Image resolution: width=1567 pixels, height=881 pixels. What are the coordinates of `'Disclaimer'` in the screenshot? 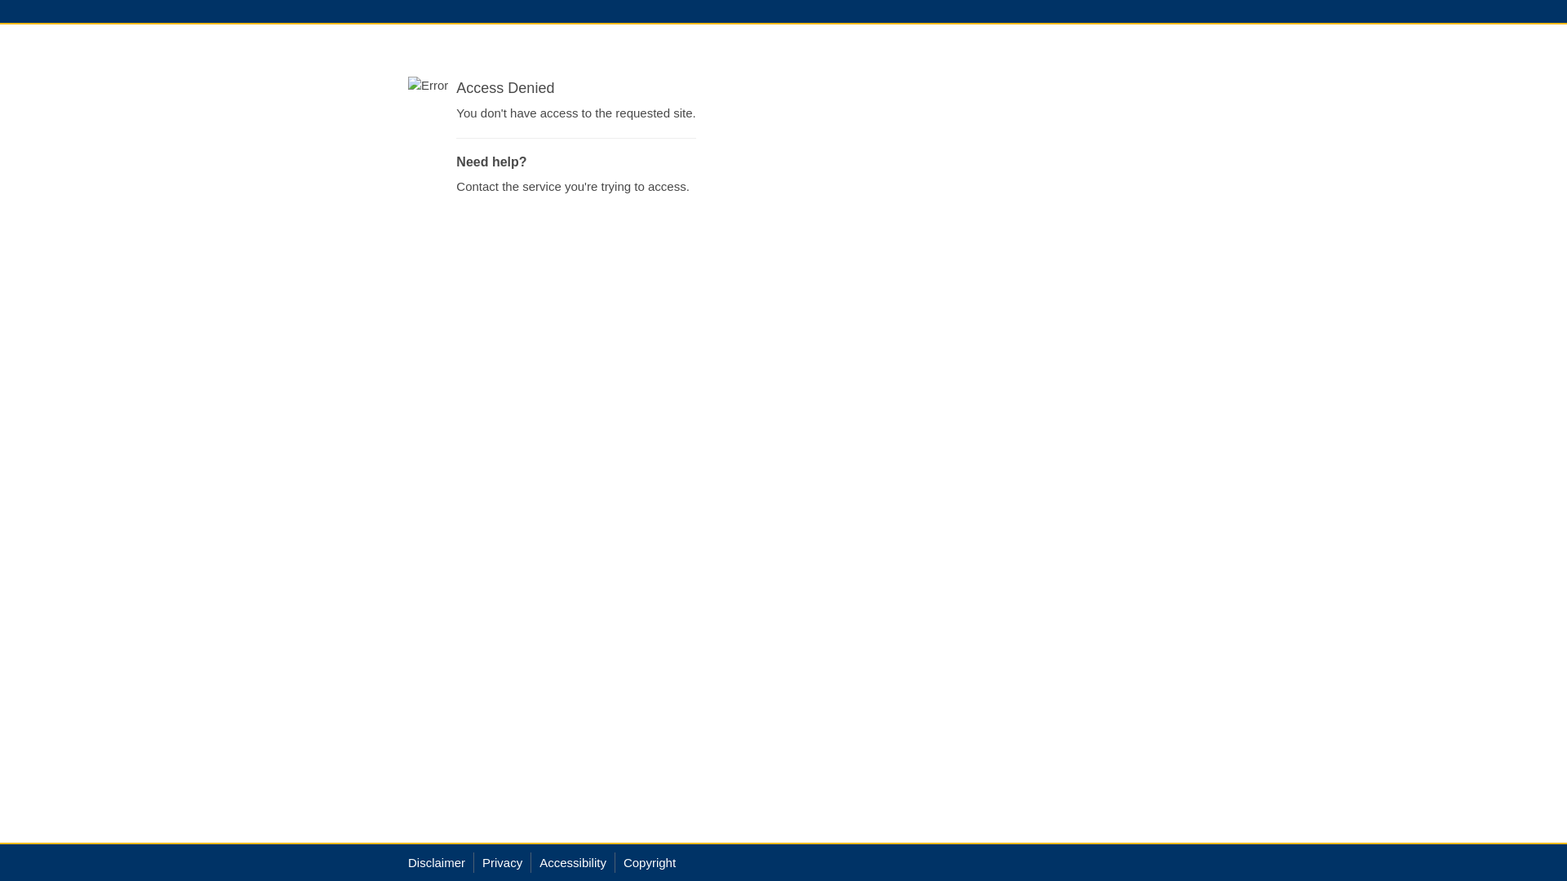 It's located at (436, 861).